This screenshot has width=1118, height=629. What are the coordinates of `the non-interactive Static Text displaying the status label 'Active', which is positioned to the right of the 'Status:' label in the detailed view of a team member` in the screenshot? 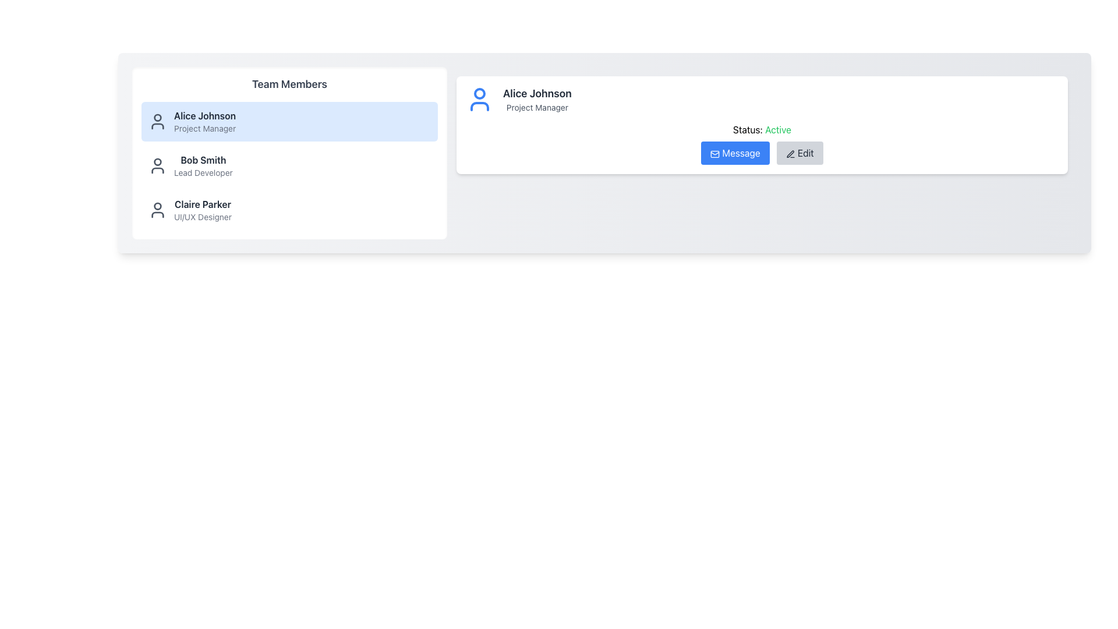 It's located at (778, 130).